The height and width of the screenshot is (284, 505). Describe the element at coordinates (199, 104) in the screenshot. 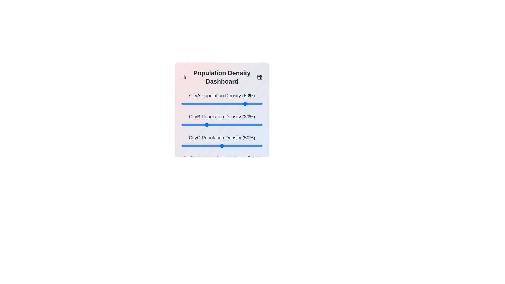

I see `the CityA population density slider to 22%` at that location.